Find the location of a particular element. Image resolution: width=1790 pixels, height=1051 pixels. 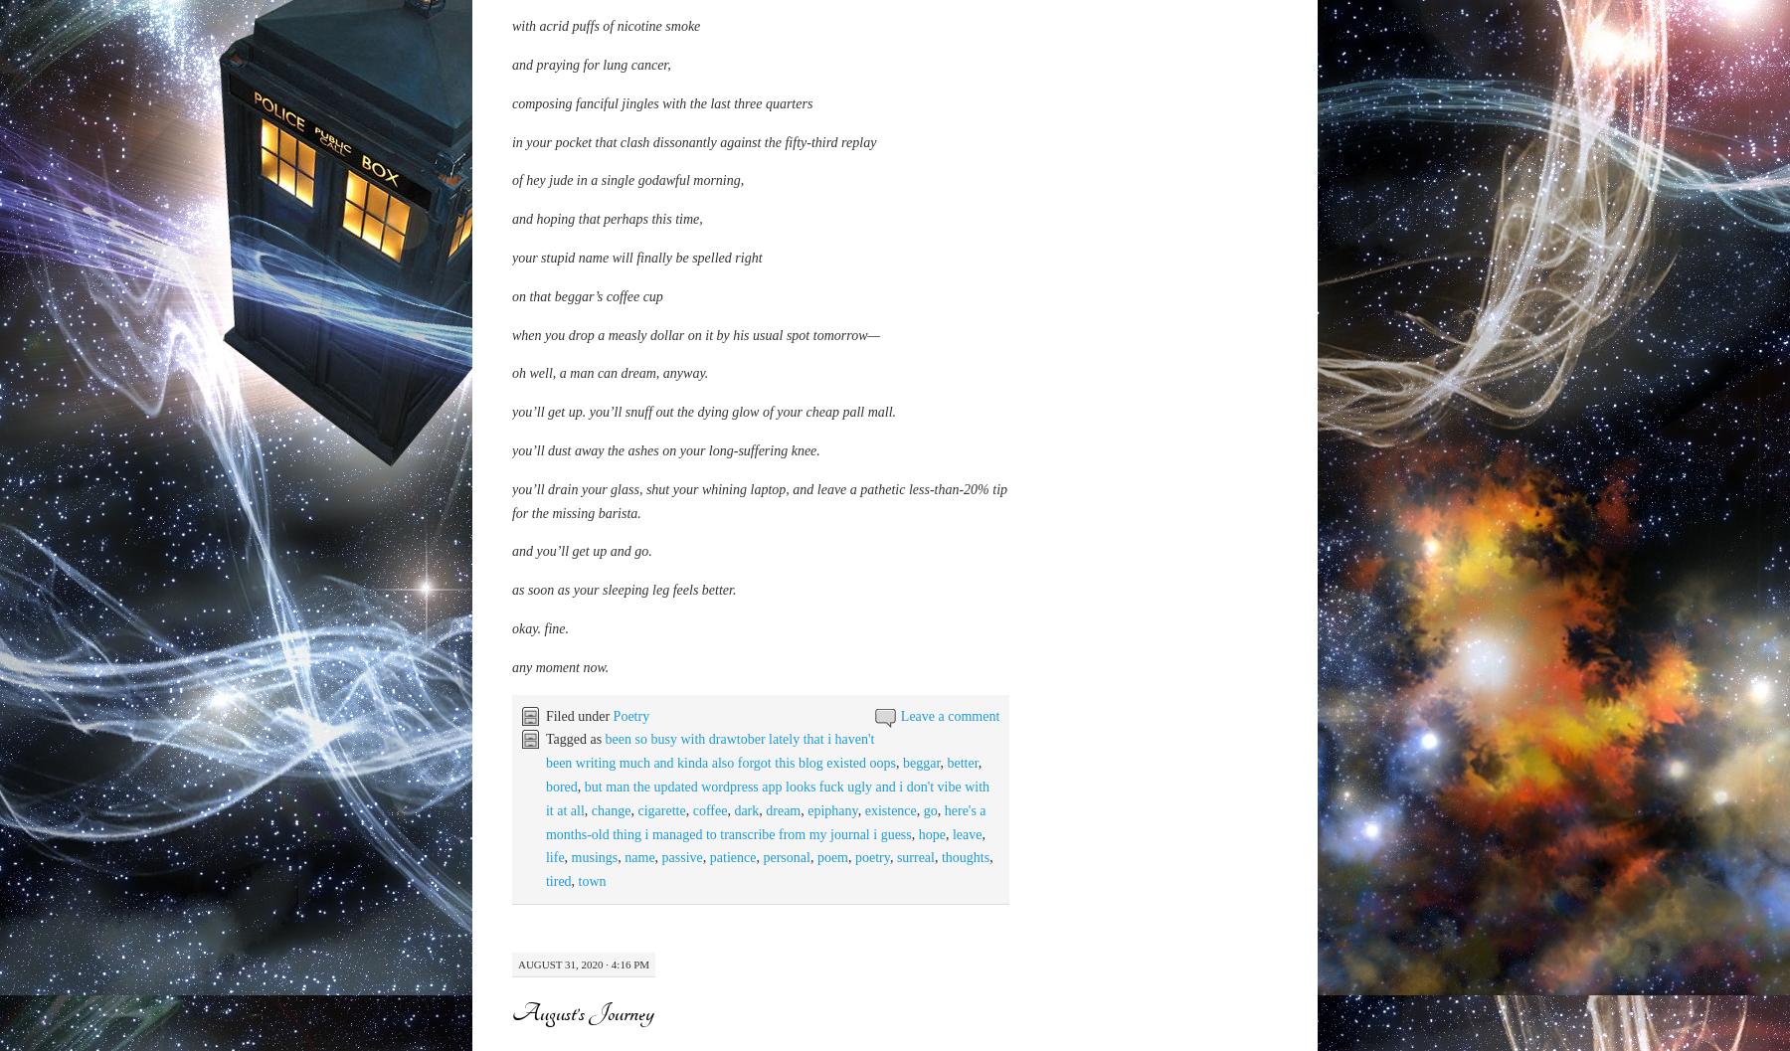

'and you’ll get up and go.' is located at coordinates (581, 731).